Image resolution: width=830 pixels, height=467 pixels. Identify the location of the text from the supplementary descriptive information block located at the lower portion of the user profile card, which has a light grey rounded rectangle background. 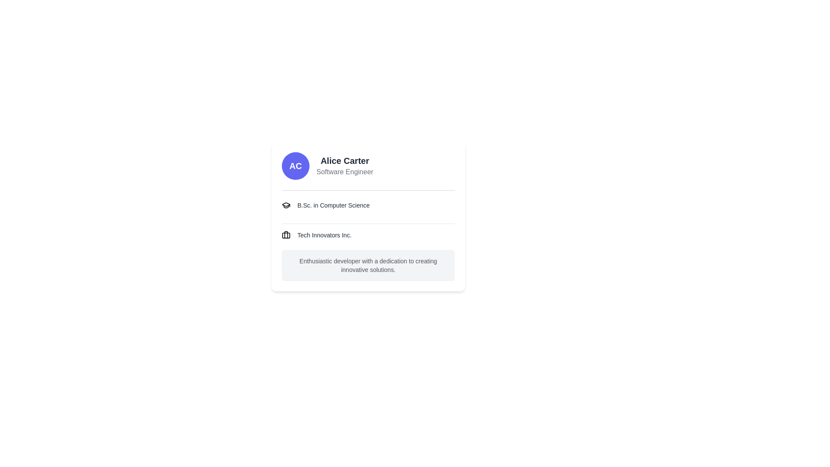
(368, 265).